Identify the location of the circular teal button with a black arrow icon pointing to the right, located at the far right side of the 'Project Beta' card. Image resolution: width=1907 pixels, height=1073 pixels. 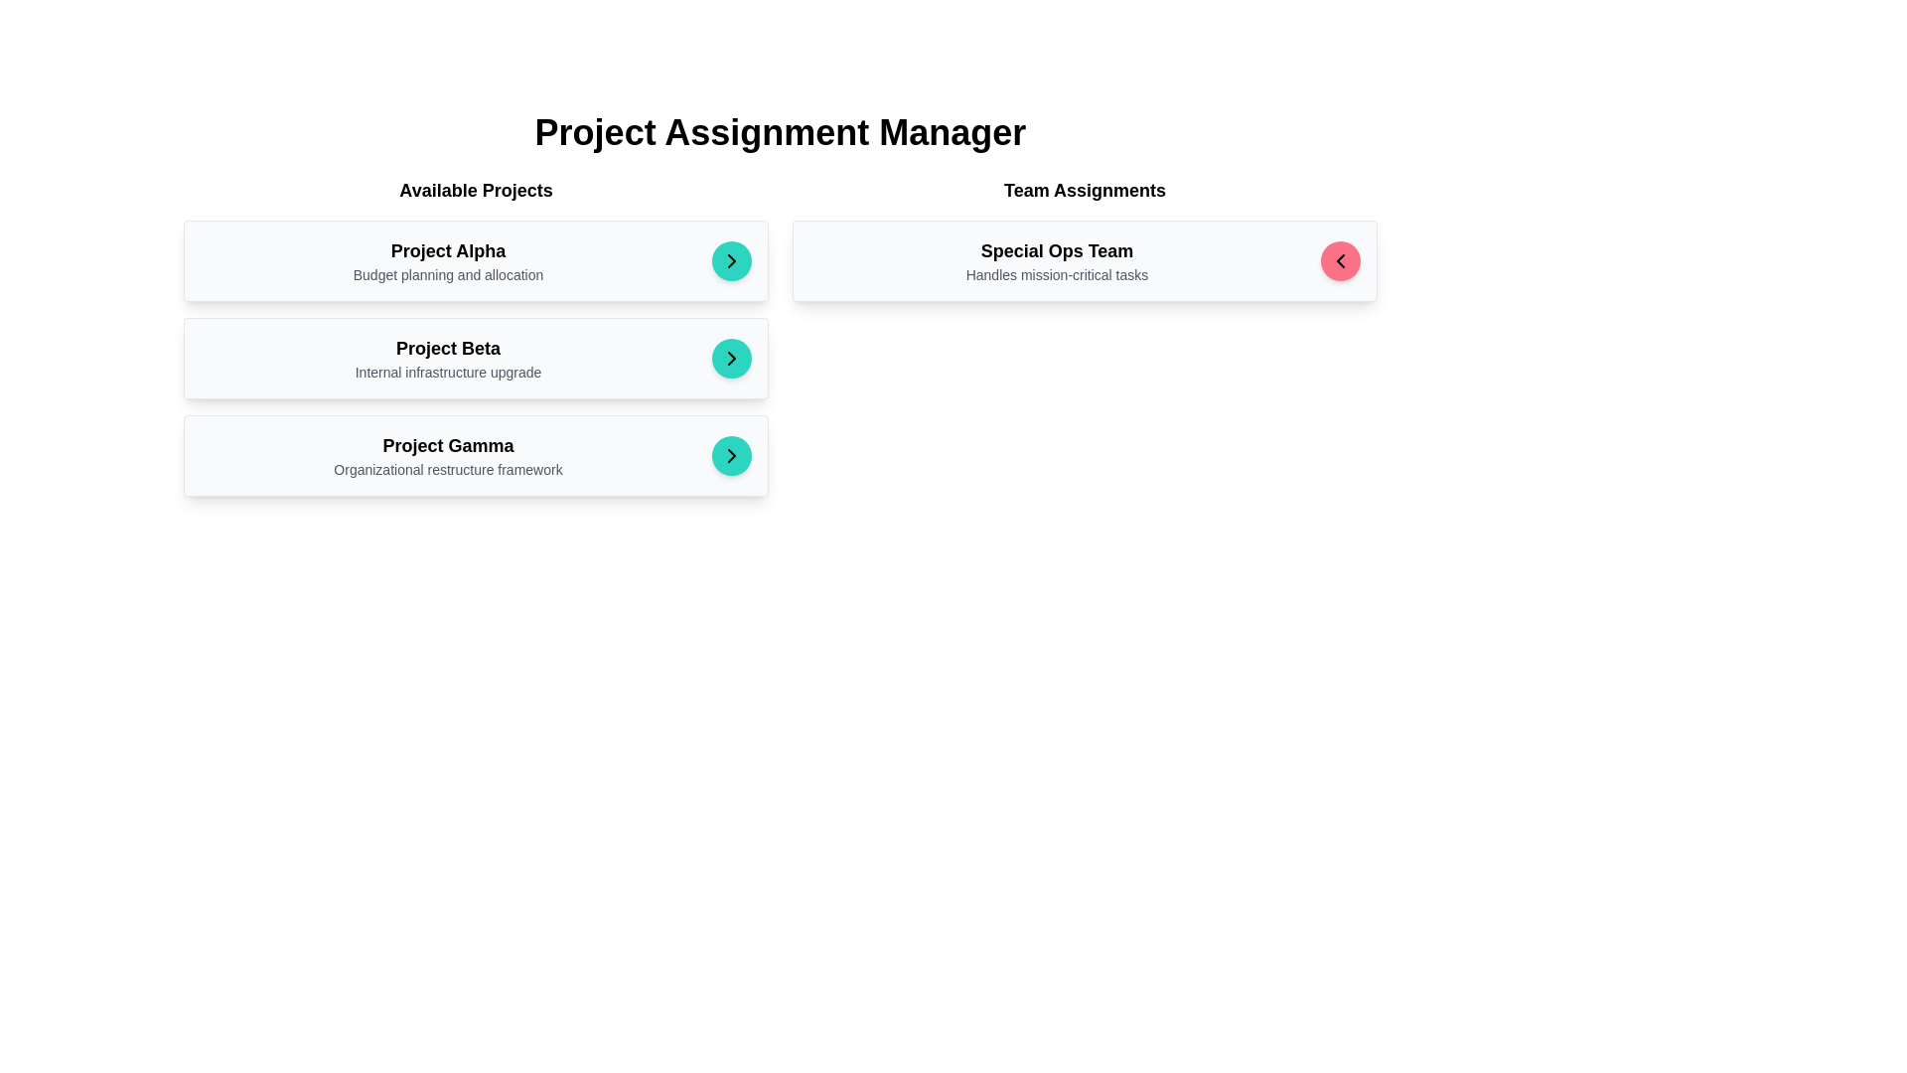
(731, 359).